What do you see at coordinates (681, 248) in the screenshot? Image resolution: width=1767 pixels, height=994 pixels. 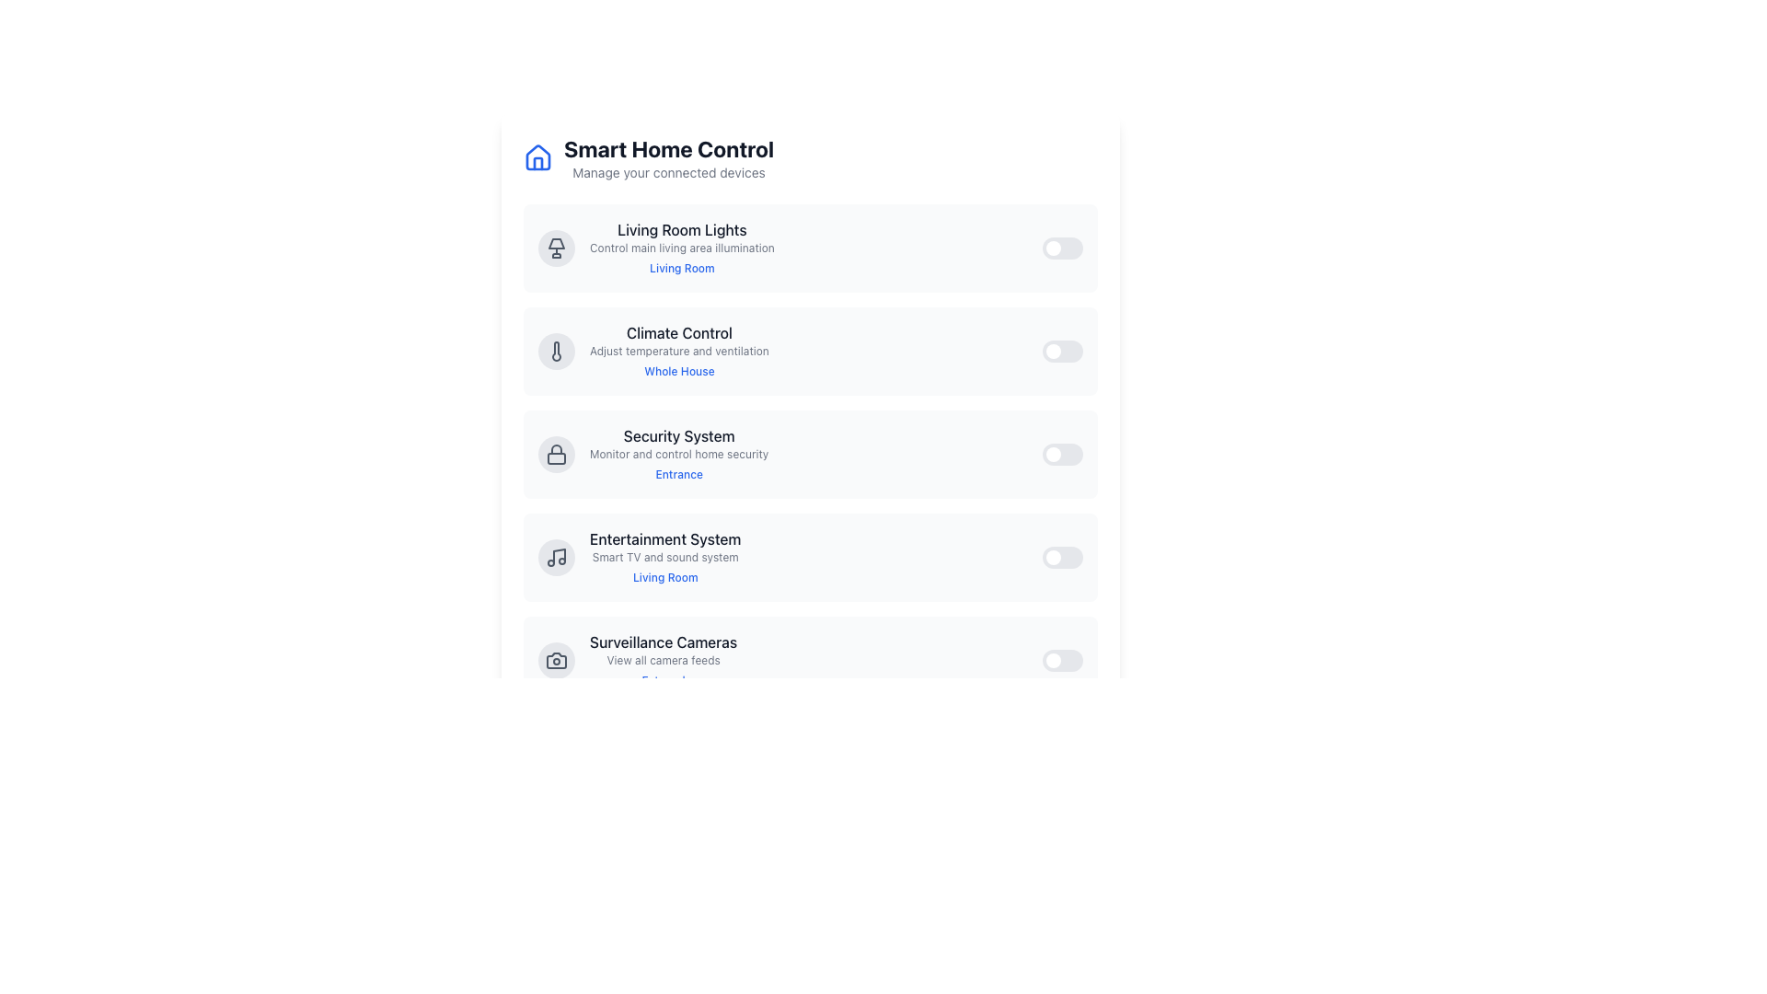 I see `information displayed in the 'Living Room Lights' text label, which includes the title, description, and link in the Smart Home Control menu` at bounding box center [681, 248].